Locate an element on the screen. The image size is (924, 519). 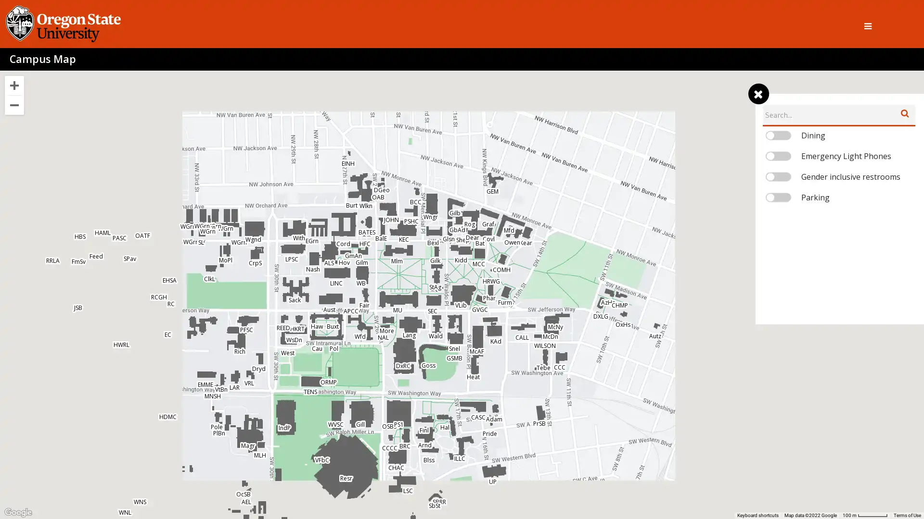
Clear search terms is located at coordinates (904, 112).